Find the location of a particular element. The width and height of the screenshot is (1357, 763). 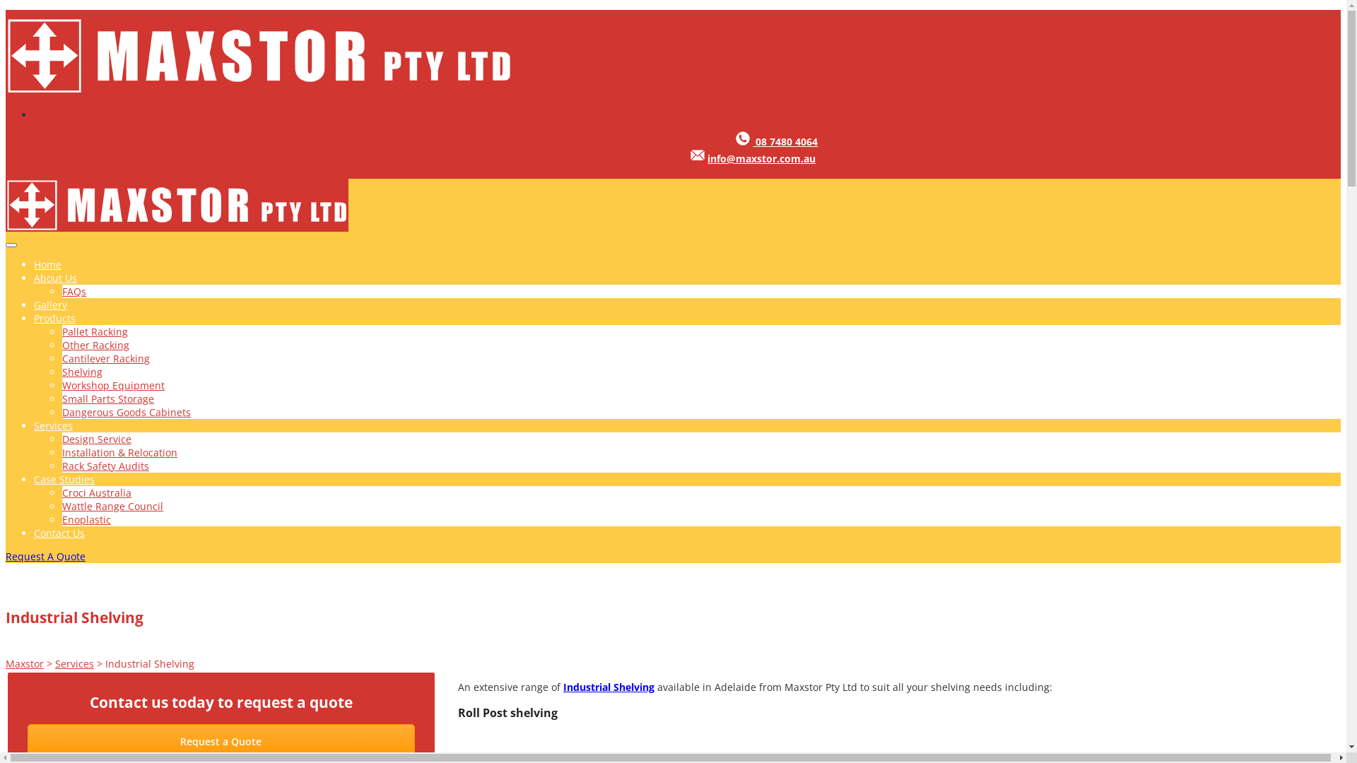

'Case Studies' is located at coordinates (34, 478).